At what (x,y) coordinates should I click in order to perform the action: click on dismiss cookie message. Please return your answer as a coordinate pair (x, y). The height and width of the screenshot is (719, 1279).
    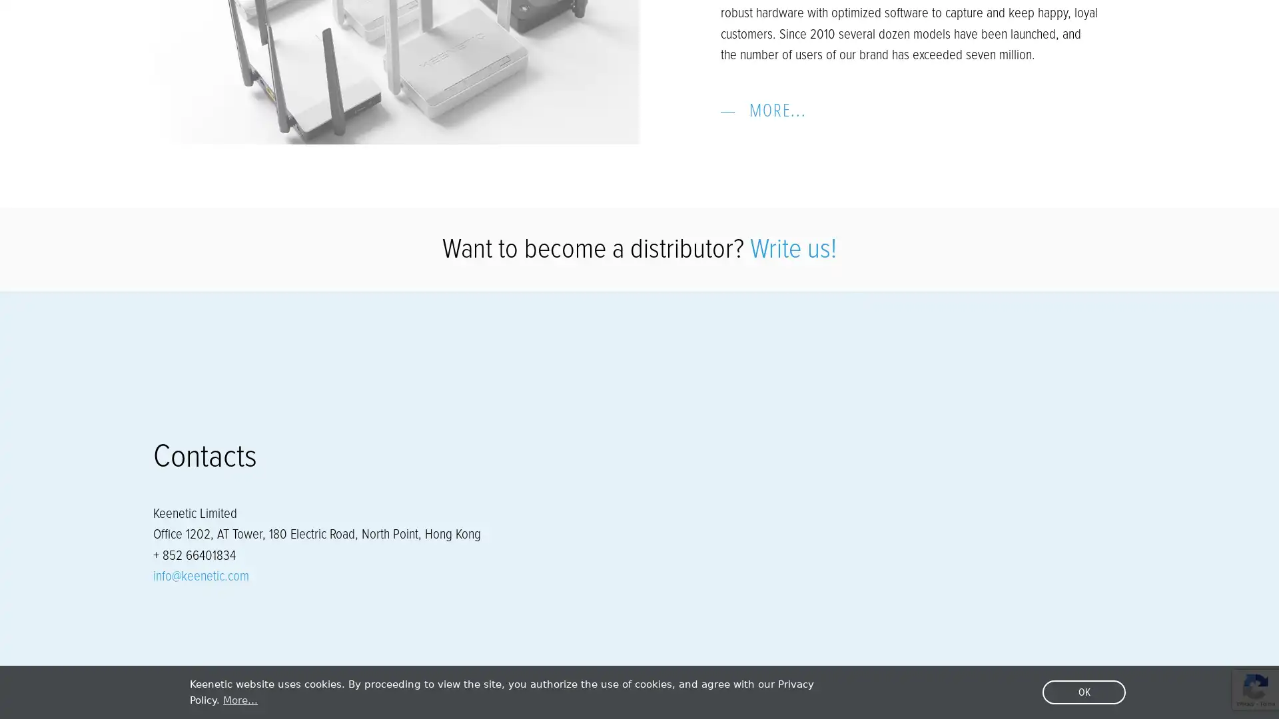
    Looking at the image, I should click on (1084, 691).